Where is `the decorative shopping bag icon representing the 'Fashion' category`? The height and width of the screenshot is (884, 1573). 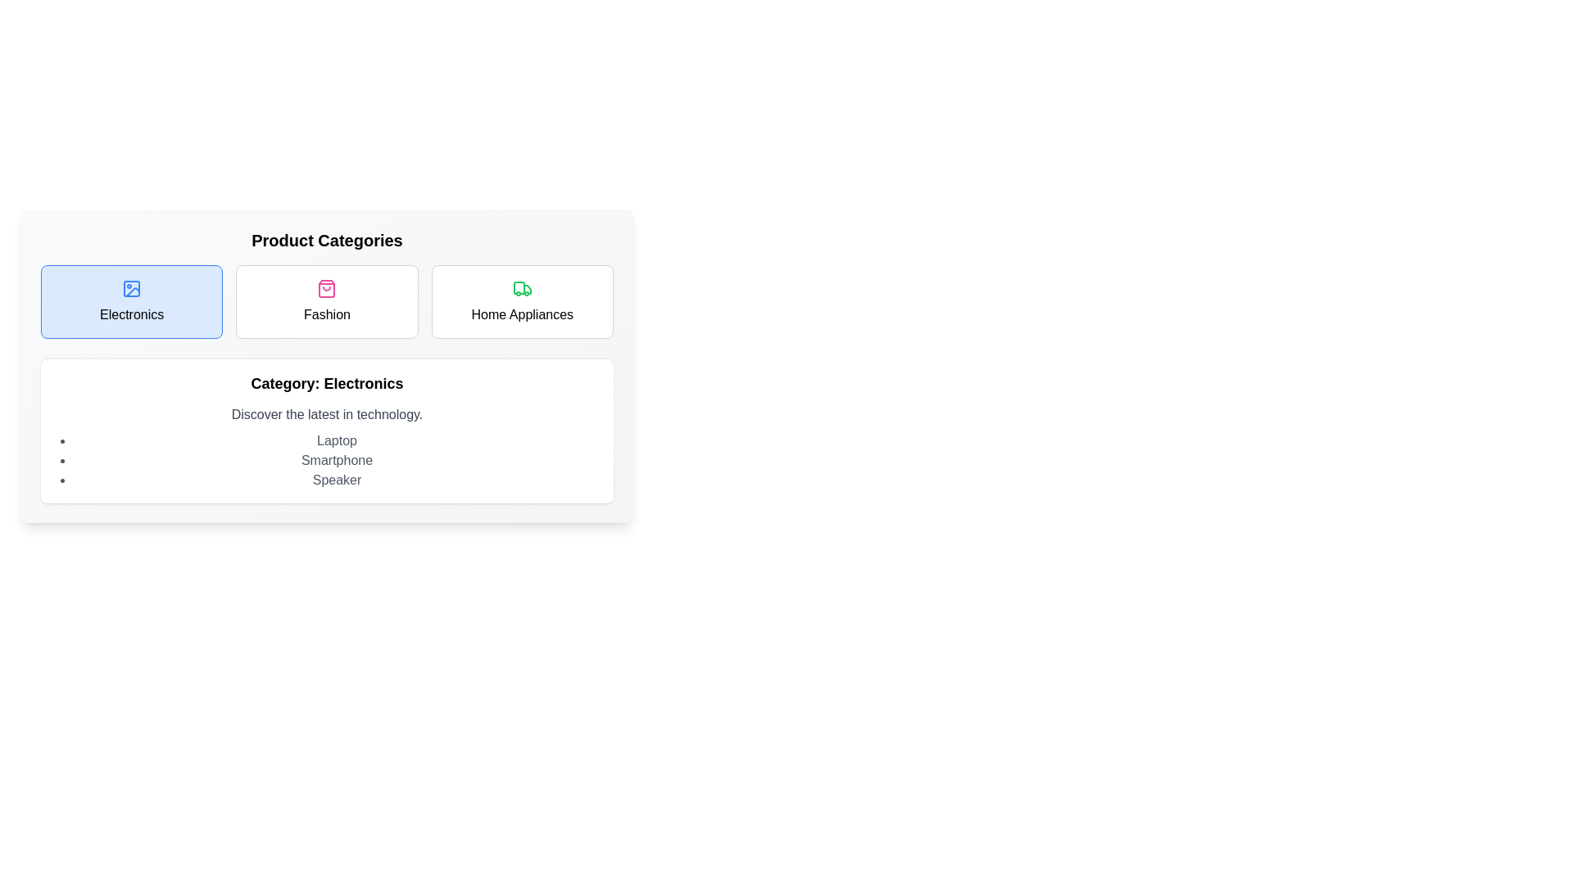 the decorative shopping bag icon representing the 'Fashion' category is located at coordinates (327, 288).